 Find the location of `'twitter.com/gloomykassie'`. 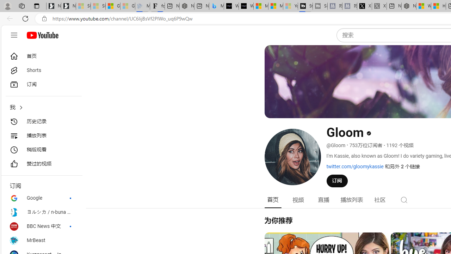

'twitter.com/gloomykassie' is located at coordinates (355, 166).